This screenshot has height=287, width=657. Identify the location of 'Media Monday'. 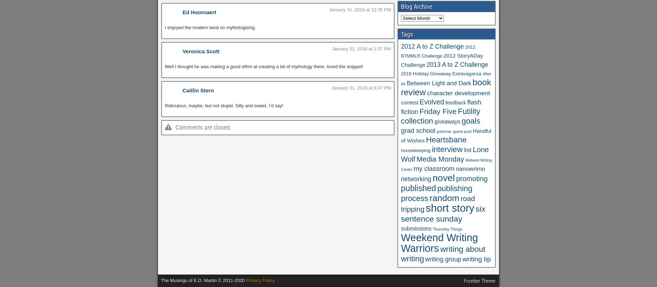
(440, 159).